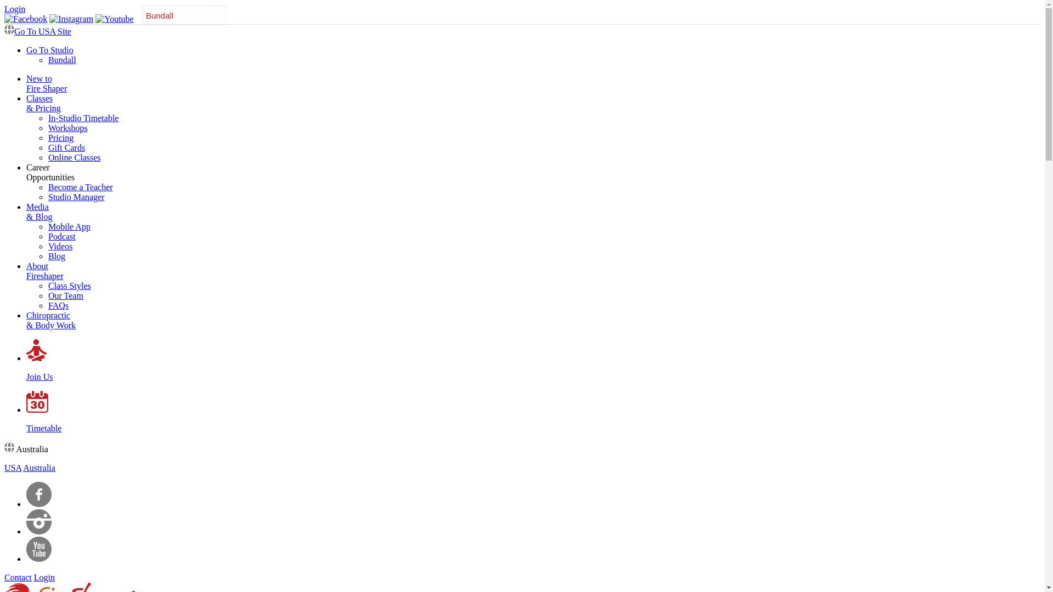  Describe the element at coordinates (69, 285) in the screenshot. I see `'Class Styles'` at that location.